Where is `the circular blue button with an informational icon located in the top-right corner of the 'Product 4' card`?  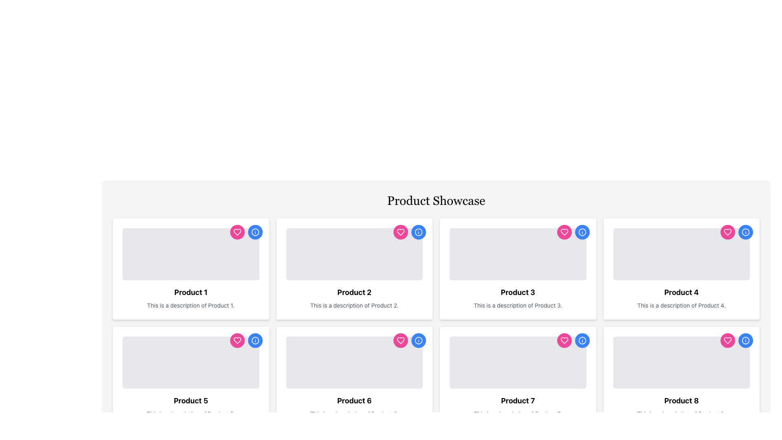
the circular blue button with an informational icon located in the top-right corner of the 'Product 4' card is located at coordinates (745, 232).